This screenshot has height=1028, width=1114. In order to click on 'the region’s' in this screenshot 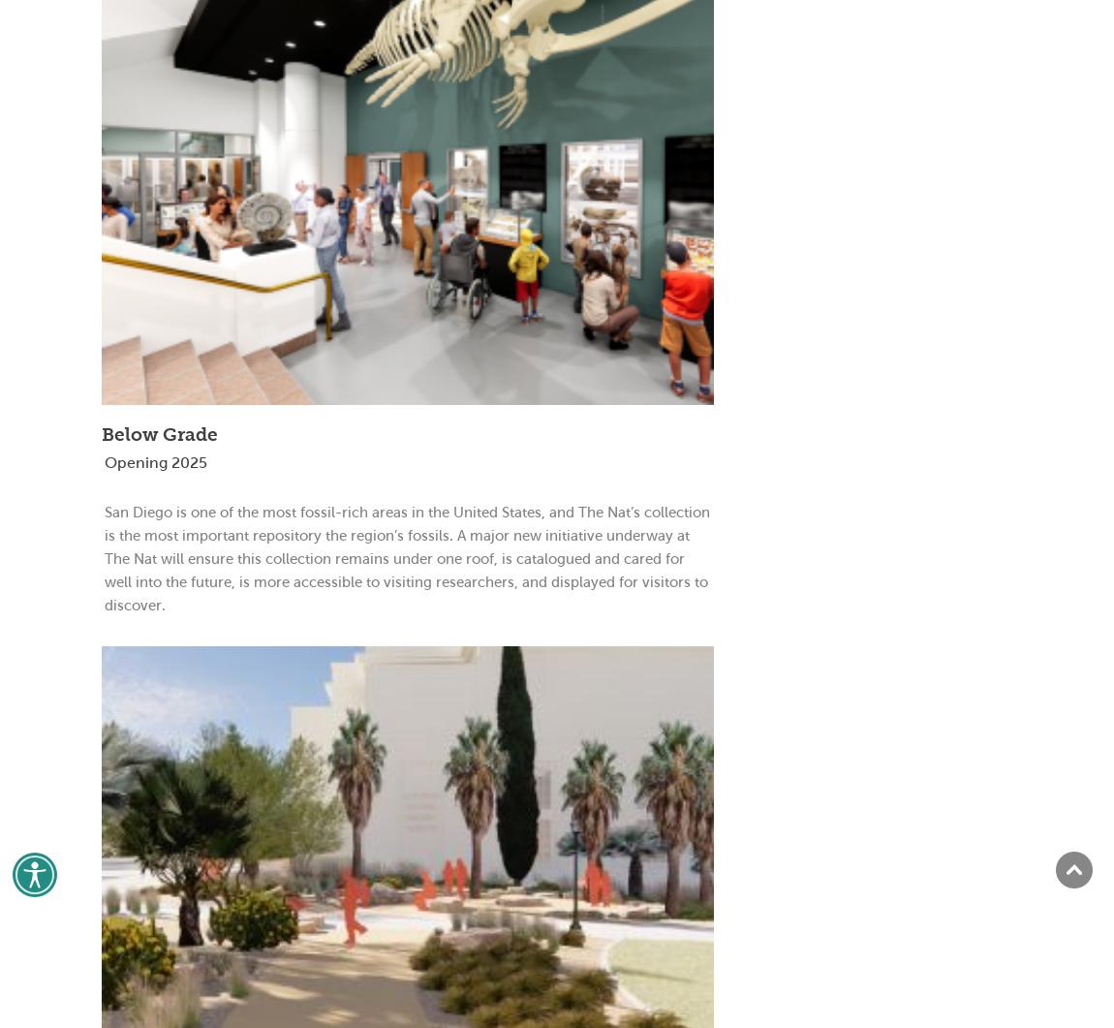, I will do `click(364, 534)`.